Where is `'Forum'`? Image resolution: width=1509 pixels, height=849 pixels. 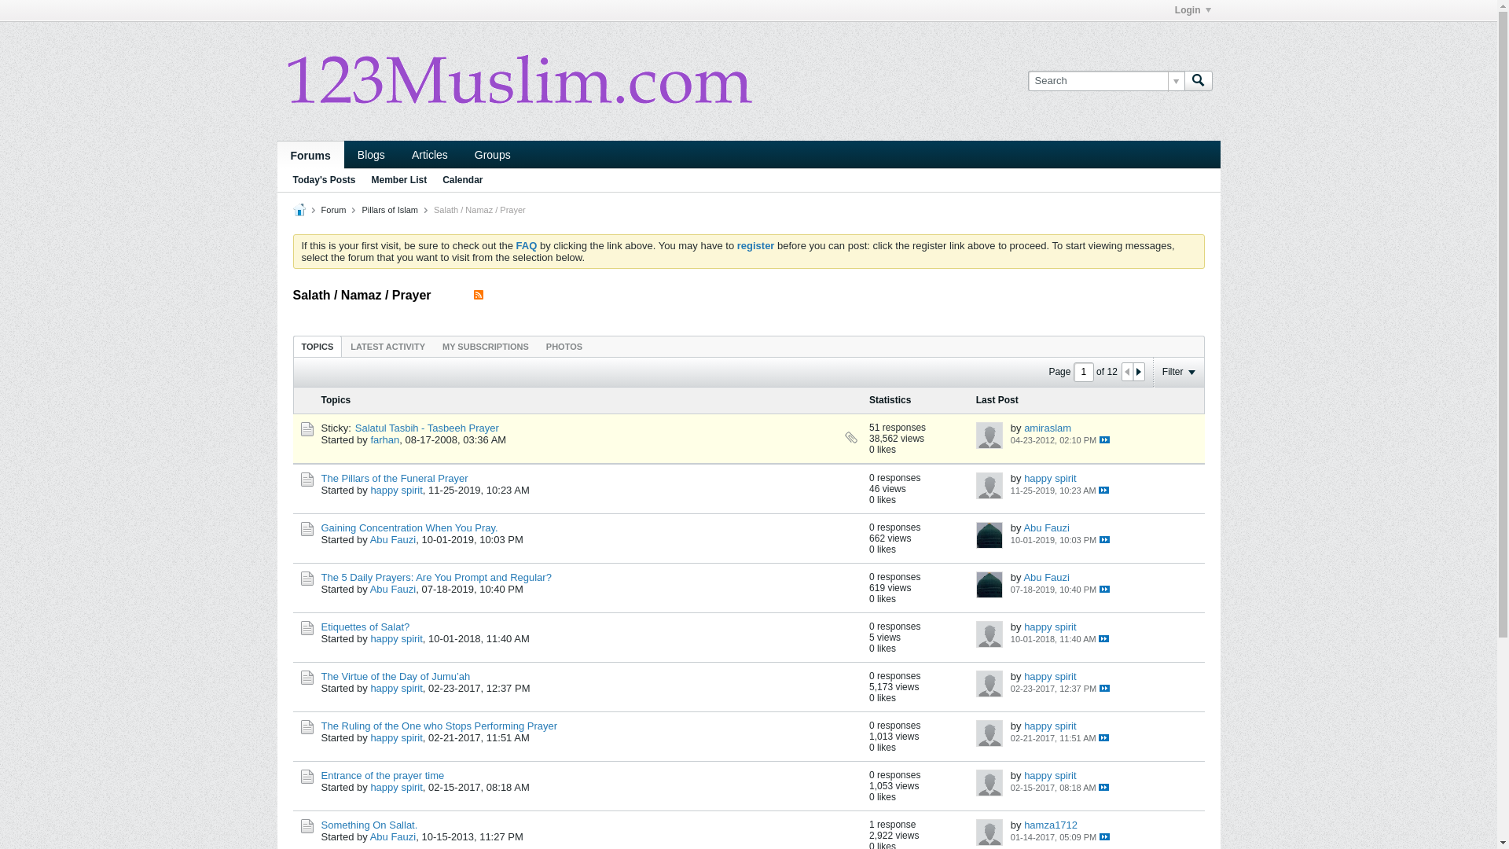
'Forum' is located at coordinates (333, 208).